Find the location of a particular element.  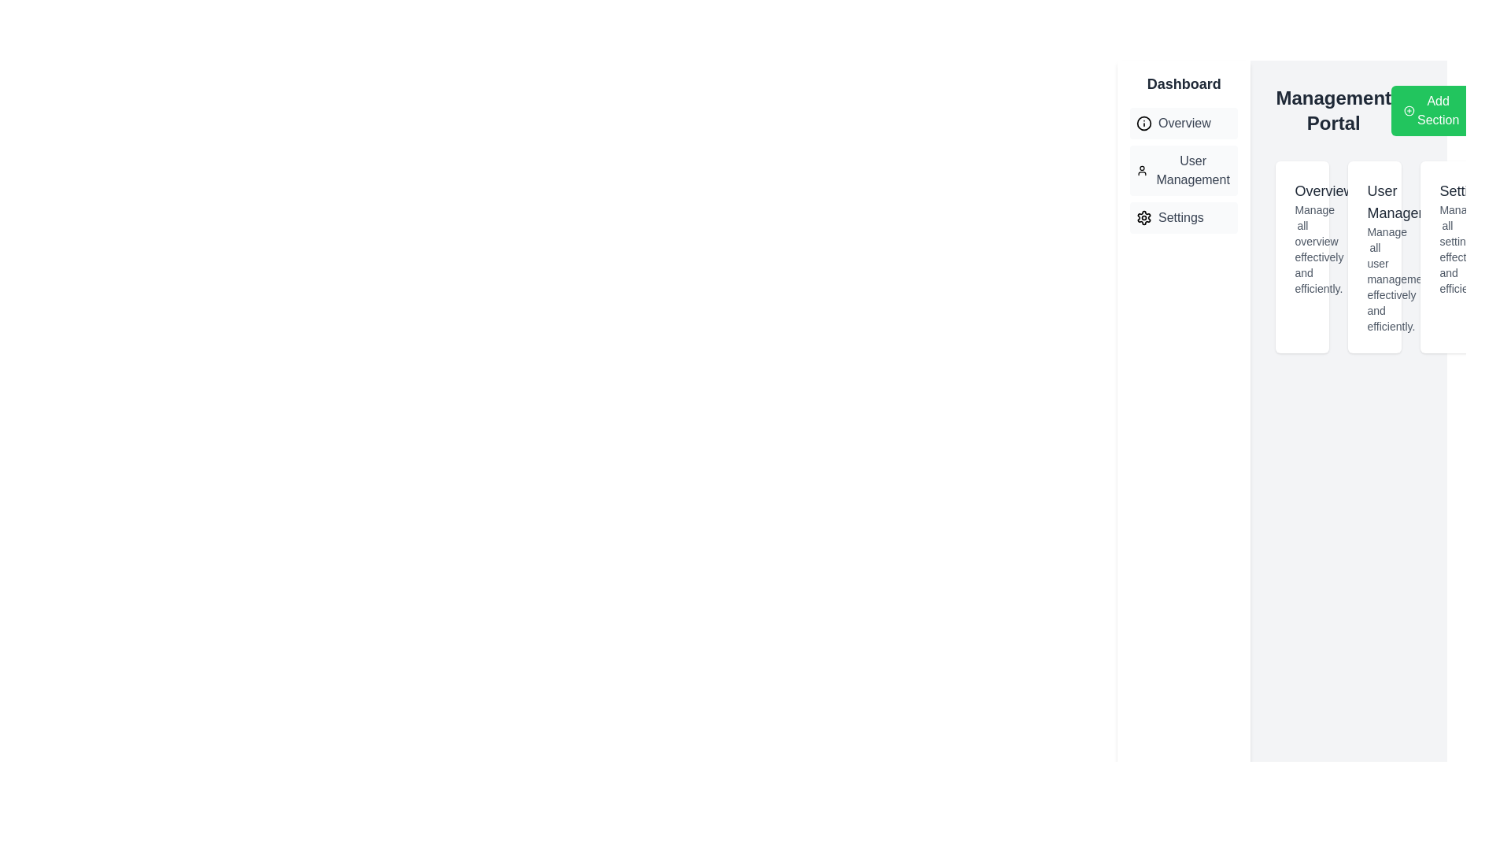

the 'Settings' icon located in the left-hand navigation panel, which visually represents the entry point for configuration or settings functionality is located at coordinates (1144, 218).